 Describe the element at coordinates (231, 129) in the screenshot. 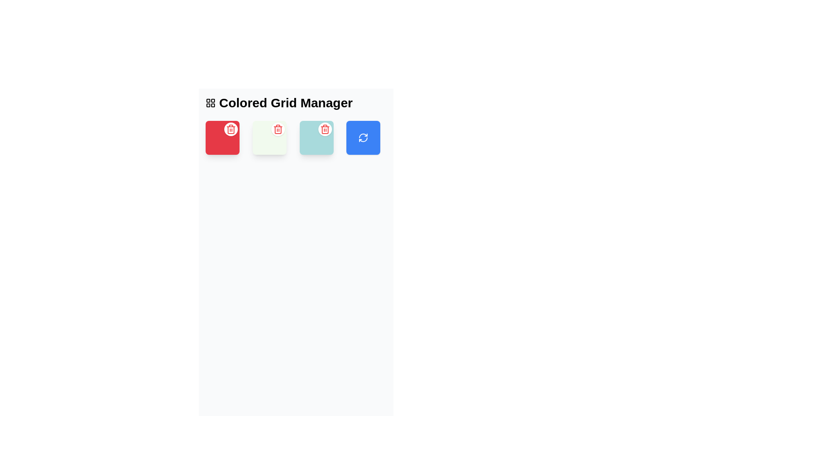

I see `the small circular delete button with a red trash bin graphic at the upper-right corner of the first red square card under the 'Colored Grid Manager' header` at that location.